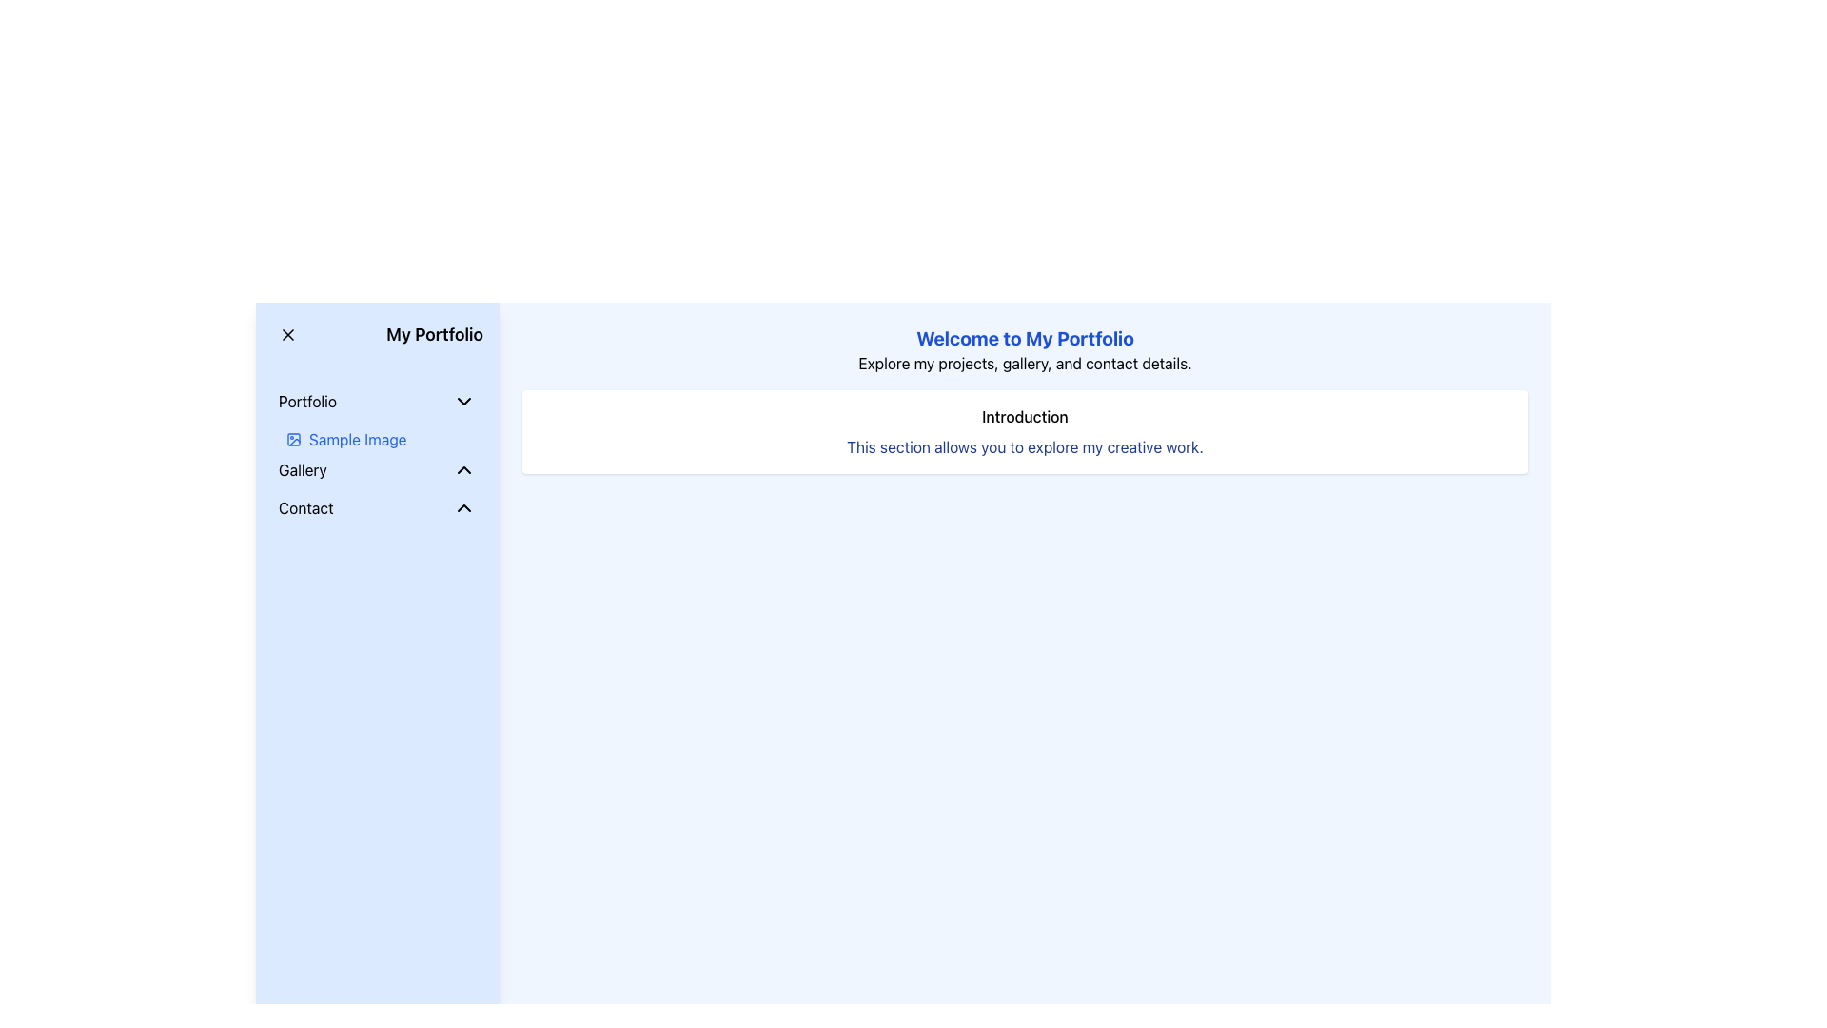 The width and height of the screenshot is (1827, 1028). Describe the element at coordinates (377, 455) in the screenshot. I see `the interactive text link labeled 'Sample Image' located below the 'Portfolio' text in the left navigation panel by moving the cursor to its center point for further interaction` at that location.